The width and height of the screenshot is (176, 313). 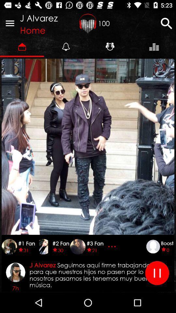 What do you see at coordinates (88, 23) in the screenshot?
I see `icon next to the j alvarez` at bounding box center [88, 23].